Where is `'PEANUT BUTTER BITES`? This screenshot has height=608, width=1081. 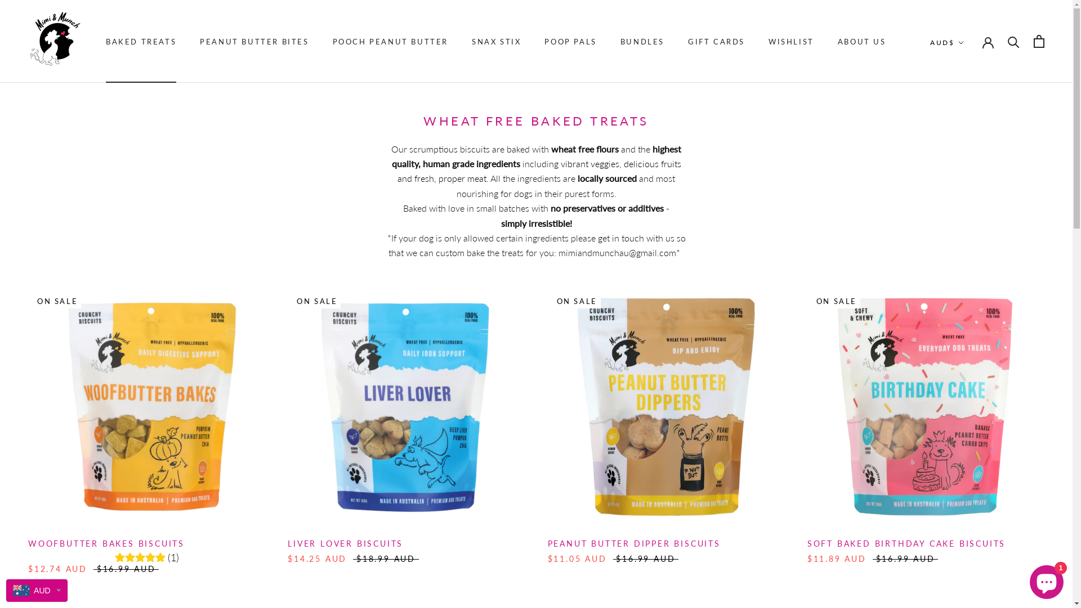 'PEANUT BUTTER BITES is located at coordinates (200, 41).